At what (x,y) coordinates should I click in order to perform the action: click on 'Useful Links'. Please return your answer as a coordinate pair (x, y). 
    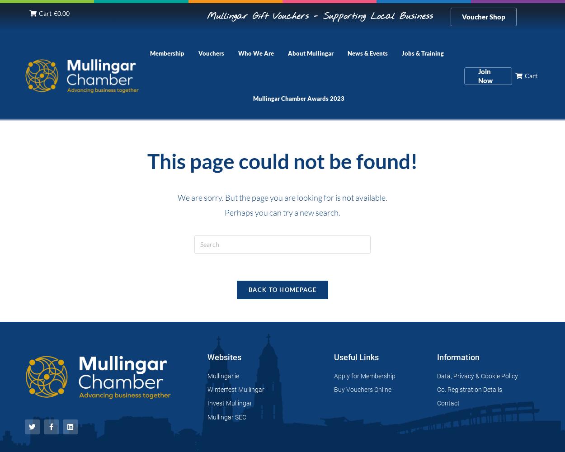
    Looking at the image, I should click on (356, 357).